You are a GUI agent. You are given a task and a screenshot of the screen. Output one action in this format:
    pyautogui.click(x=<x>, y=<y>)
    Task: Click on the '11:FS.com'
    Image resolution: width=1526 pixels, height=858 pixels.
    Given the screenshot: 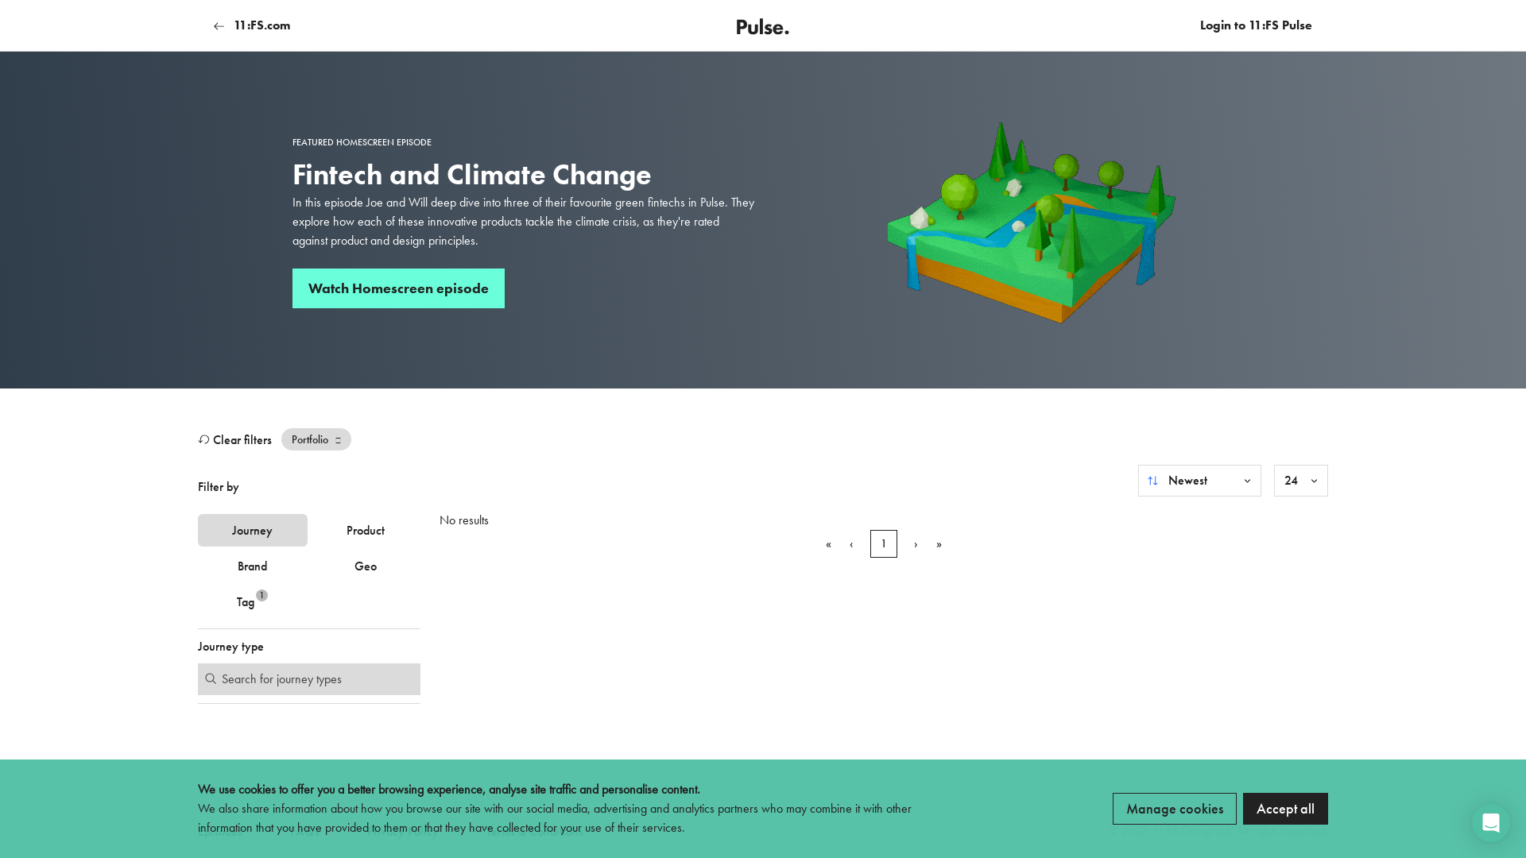 What is the action you would take?
    pyautogui.click(x=250, y=25)
    